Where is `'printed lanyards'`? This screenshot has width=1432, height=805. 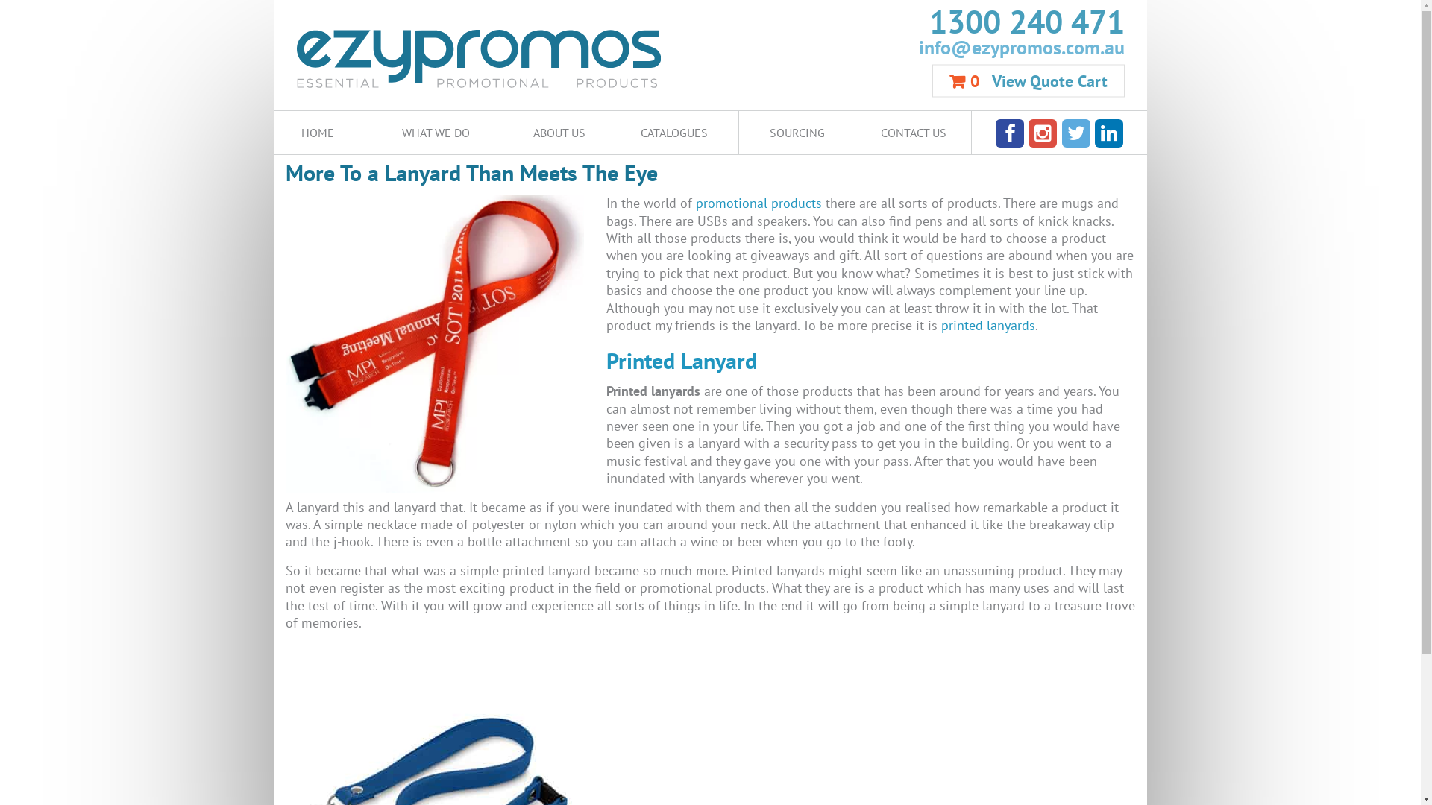 'printed lanyards' is located at coordinates (987, 324).